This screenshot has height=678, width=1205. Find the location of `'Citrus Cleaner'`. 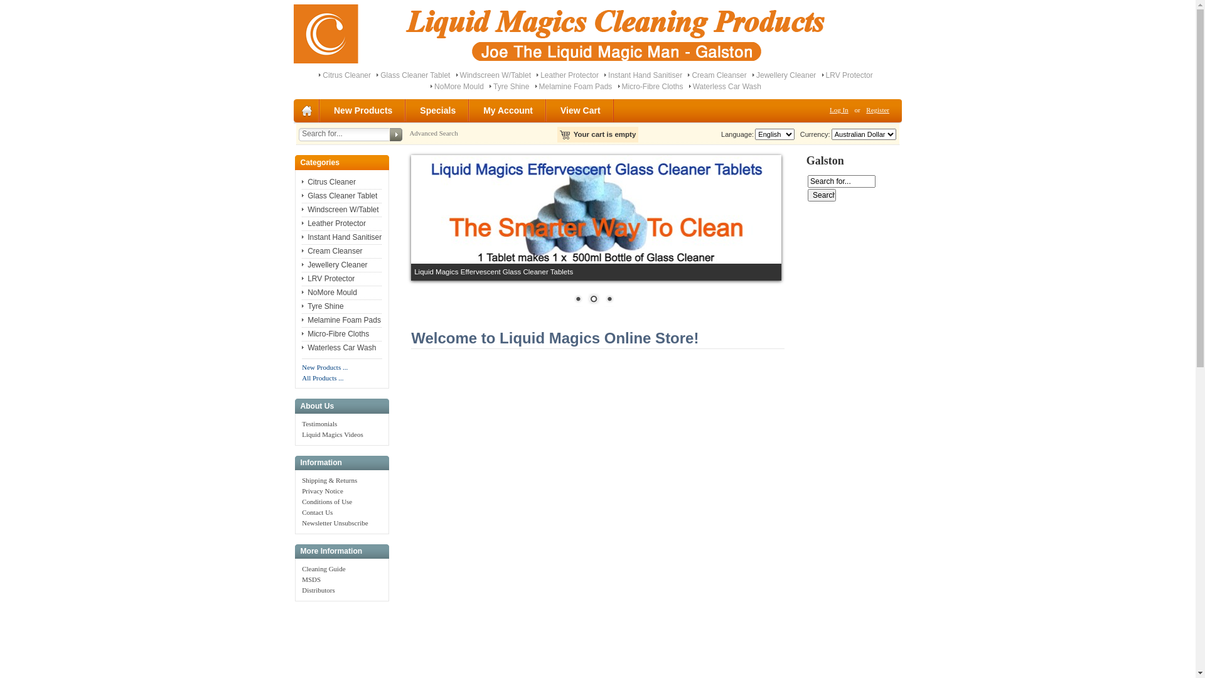

'Citrus Cleaner' is located at coordinates (301, 181).